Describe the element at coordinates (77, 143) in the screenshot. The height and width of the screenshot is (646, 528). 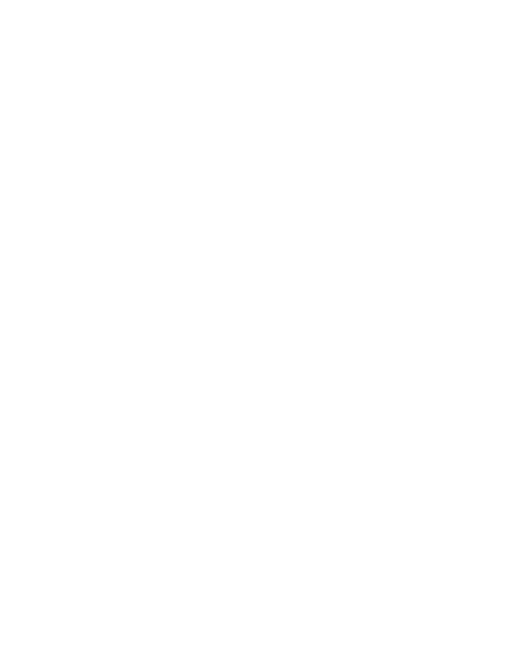
I see `'April 2020'` at that location.